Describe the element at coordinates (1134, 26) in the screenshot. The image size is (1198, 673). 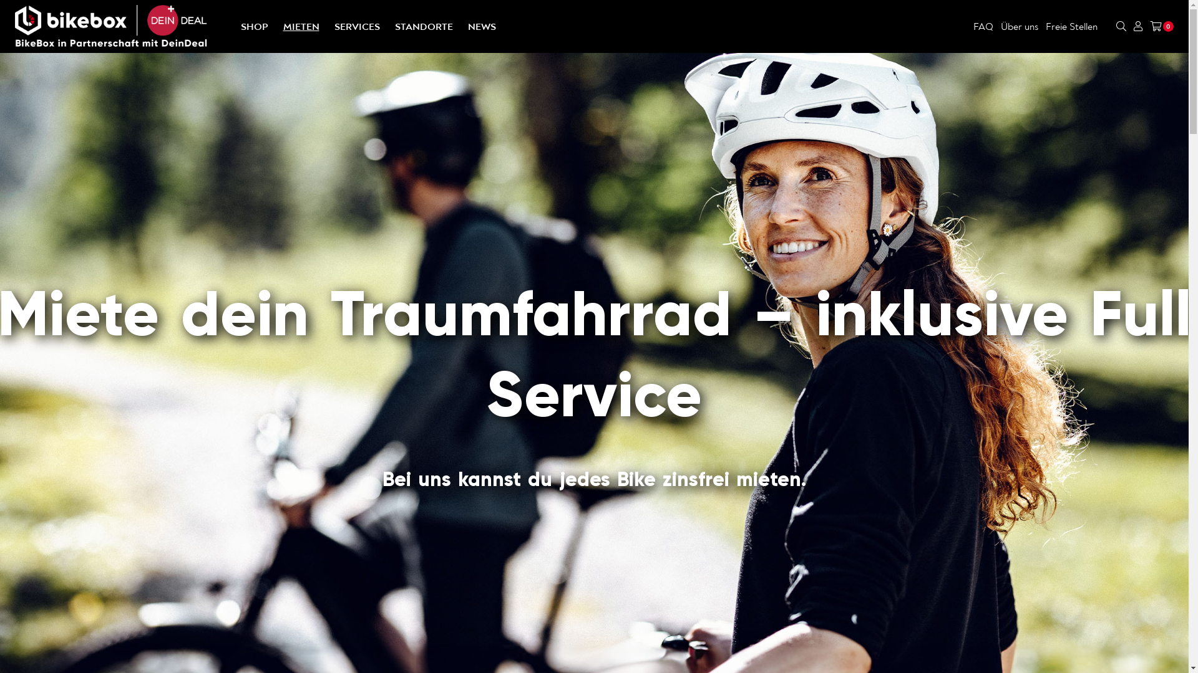
I see `'Mein Konto'` at that location.